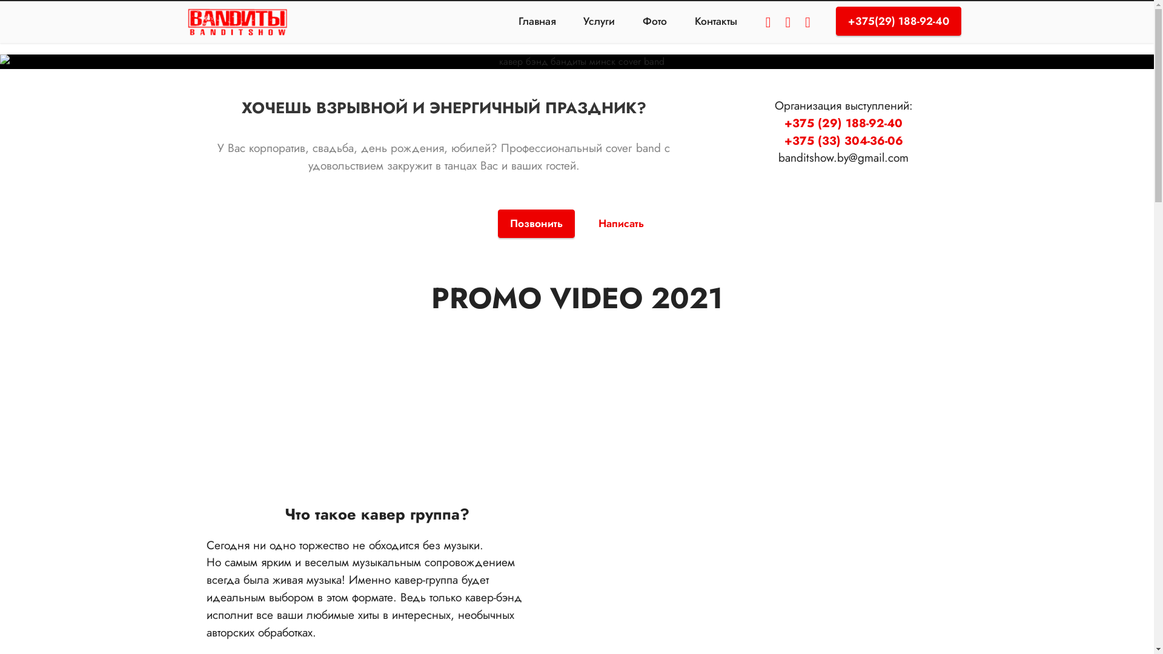 This screenshot has width=1163, height=654. I want to click on '+375(29) 188-92-40', so click(835, 21).